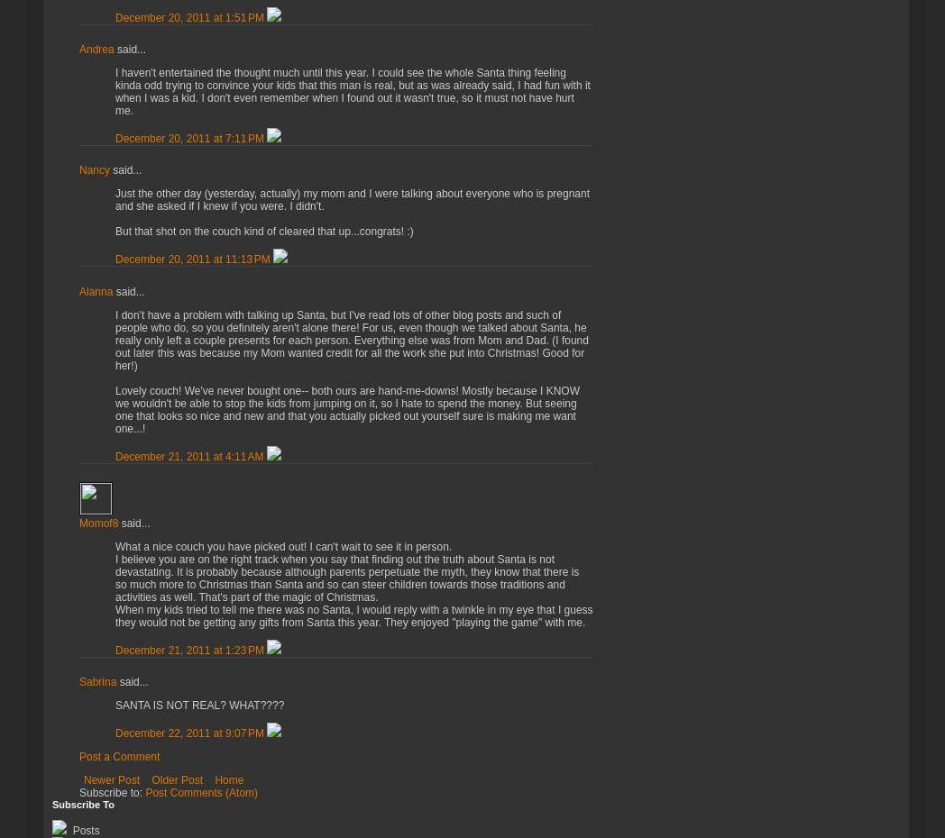  I want to click on 'Post Comments (Atom)', so click(201, 792).